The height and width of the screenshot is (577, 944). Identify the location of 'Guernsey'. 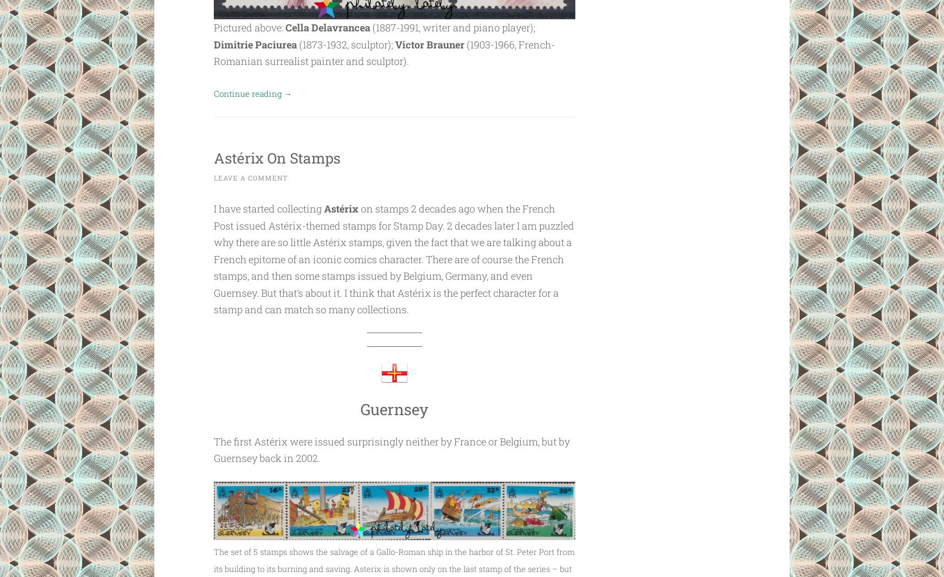
(393, 409).